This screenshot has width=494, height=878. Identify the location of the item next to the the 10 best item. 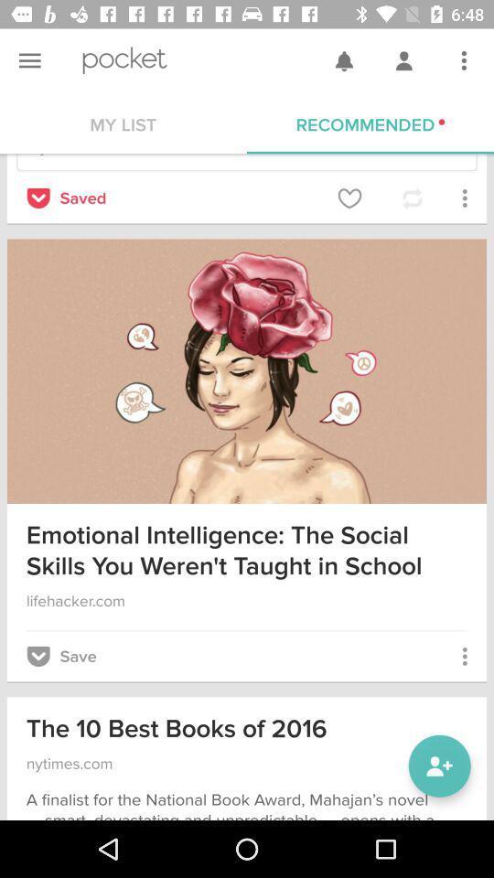
(438, 766).